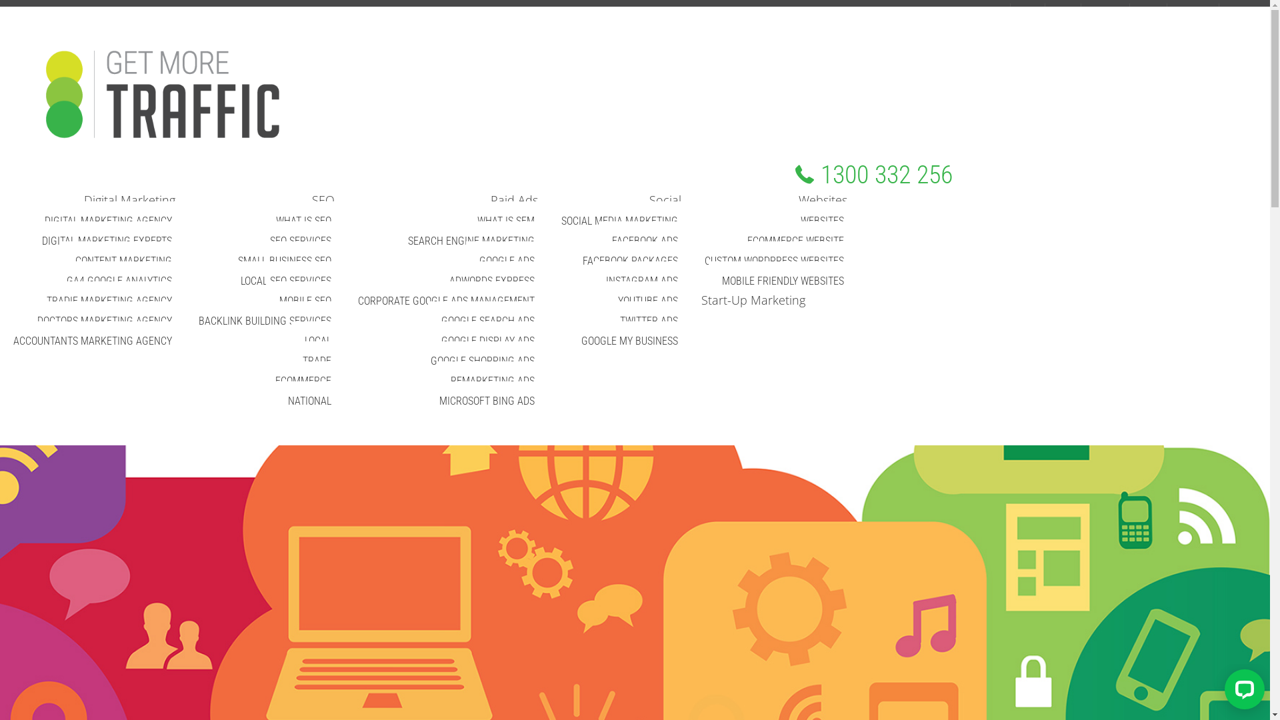 This screenshot has width=1280, height=720. Describe the element at coordinates (629, 340) in the screenshot. I see `'GOOGLE MY BUSINESS'` at that location.